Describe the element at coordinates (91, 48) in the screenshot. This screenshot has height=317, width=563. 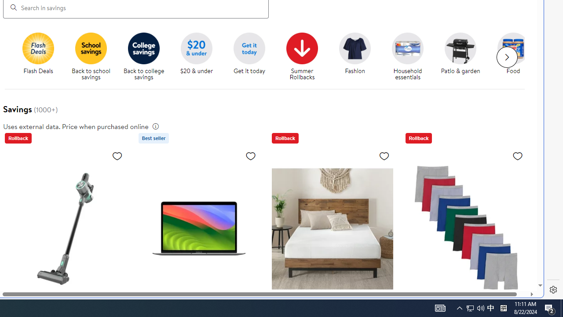
I see `'Back to School savings'` at that location.